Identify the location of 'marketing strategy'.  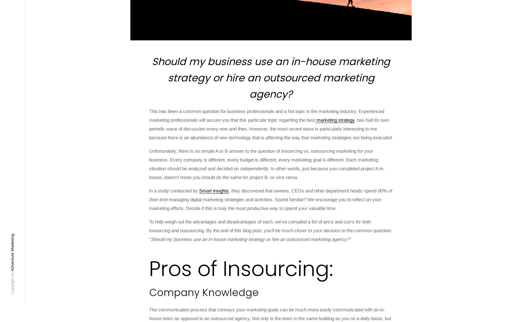
(334, 120).